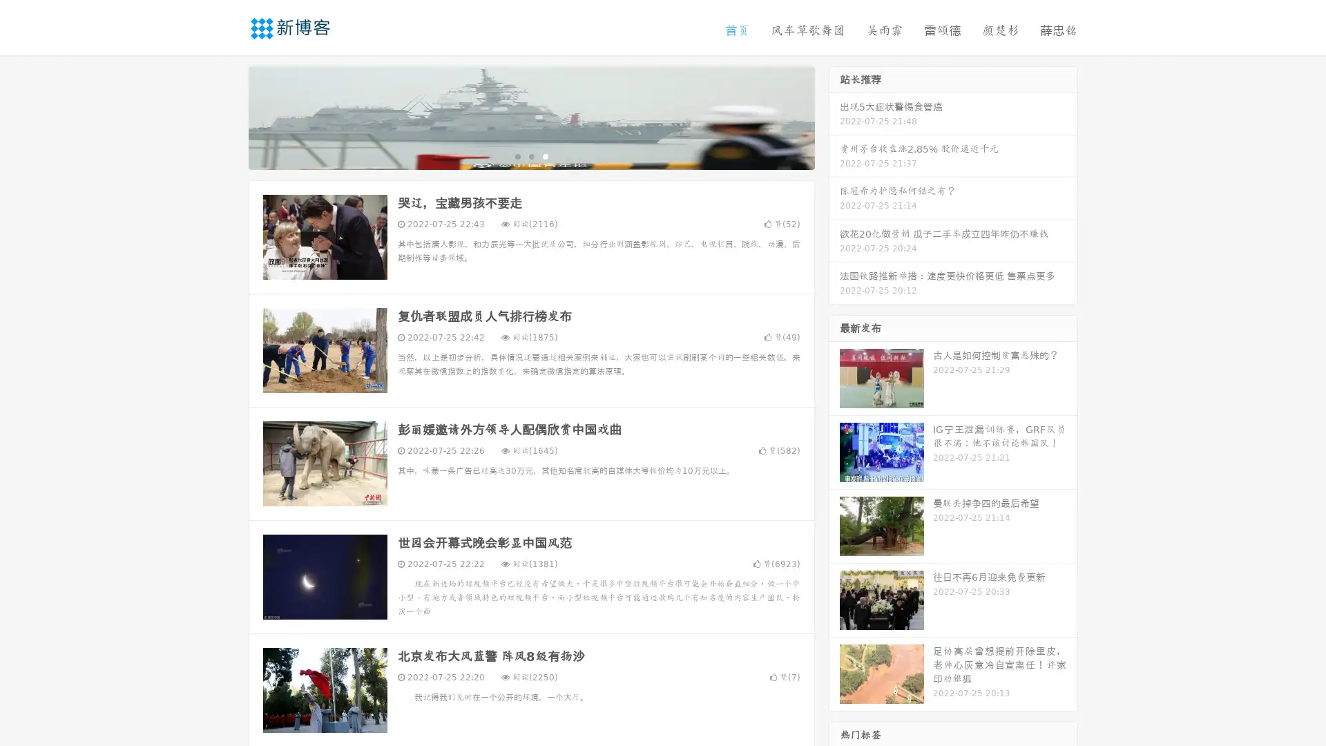 Image resolution: width=1326 pixels, height=746 pixels. What do you see at coordinates (517, 155) in the screenshot?
I see `Go to slide 1` at bounding box center [517, 155].